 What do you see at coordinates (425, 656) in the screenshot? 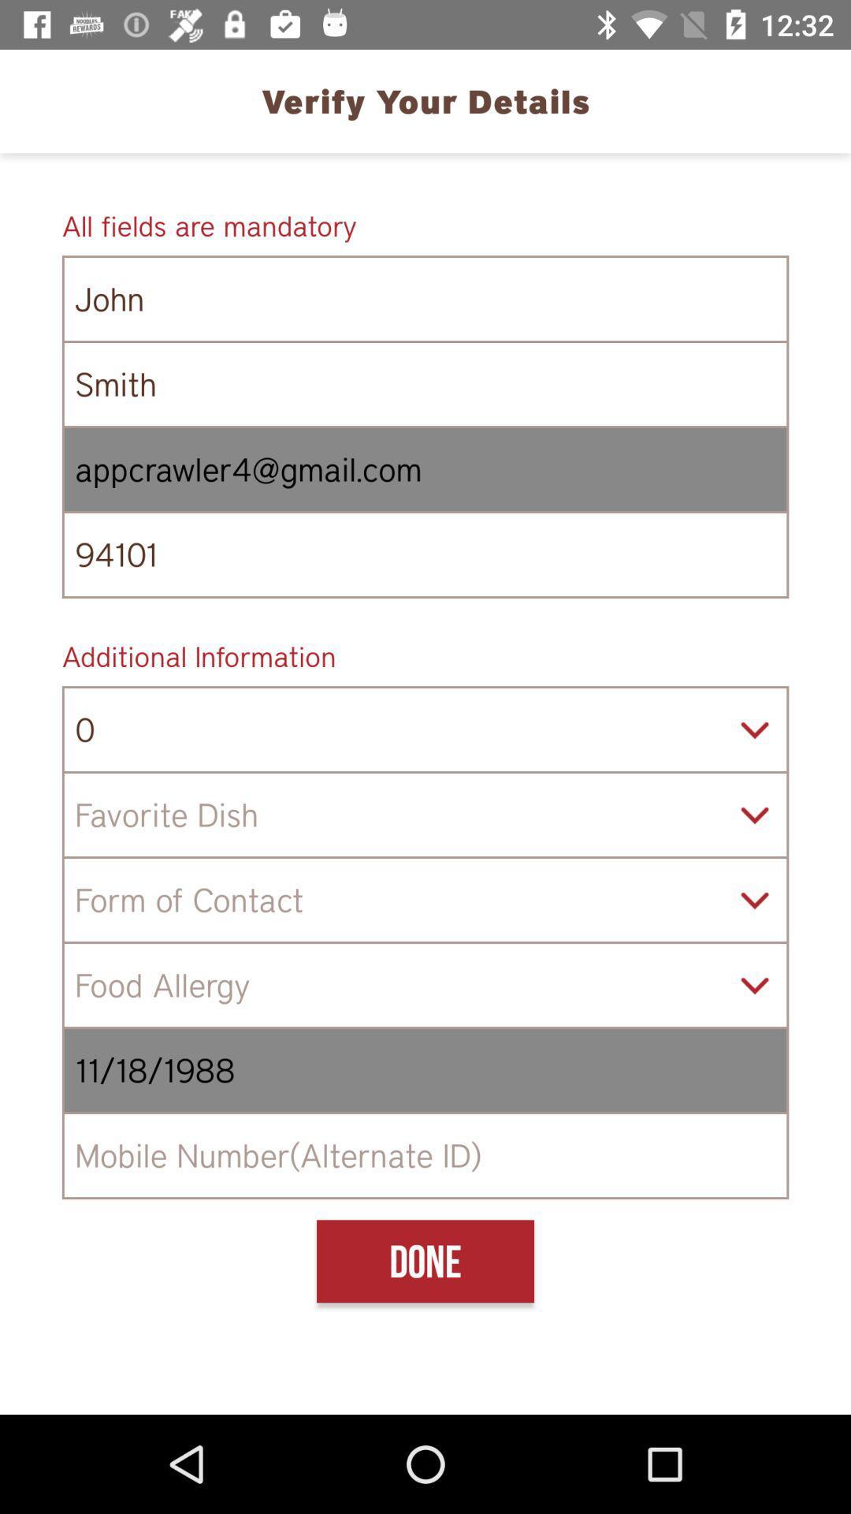
I see `icon below 94101 item` at bounding box center [425, 656].